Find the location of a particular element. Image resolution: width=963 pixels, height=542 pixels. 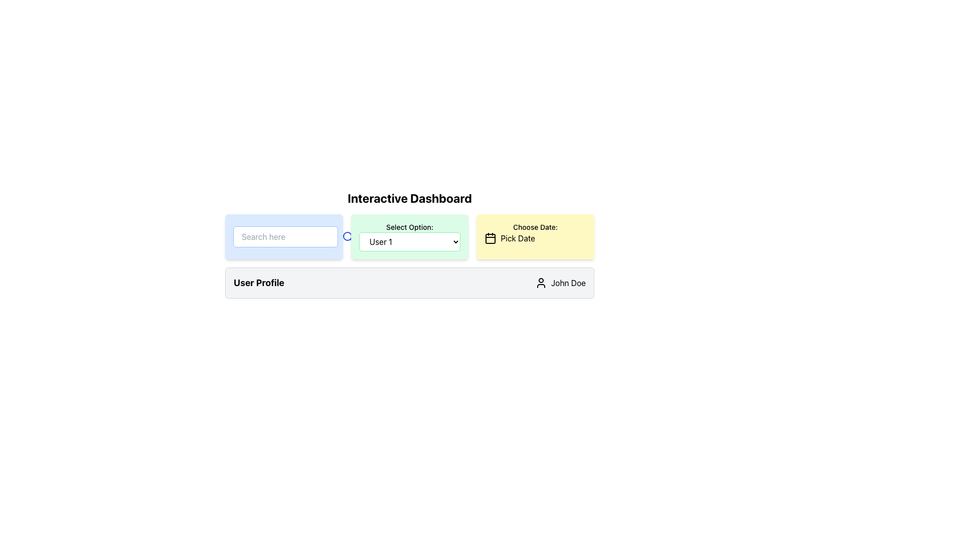

the small circle at the center of the magnifying glass of the search icon, which is positioned to the right of the 'Search here' input field is located at coordinates (347, 236).